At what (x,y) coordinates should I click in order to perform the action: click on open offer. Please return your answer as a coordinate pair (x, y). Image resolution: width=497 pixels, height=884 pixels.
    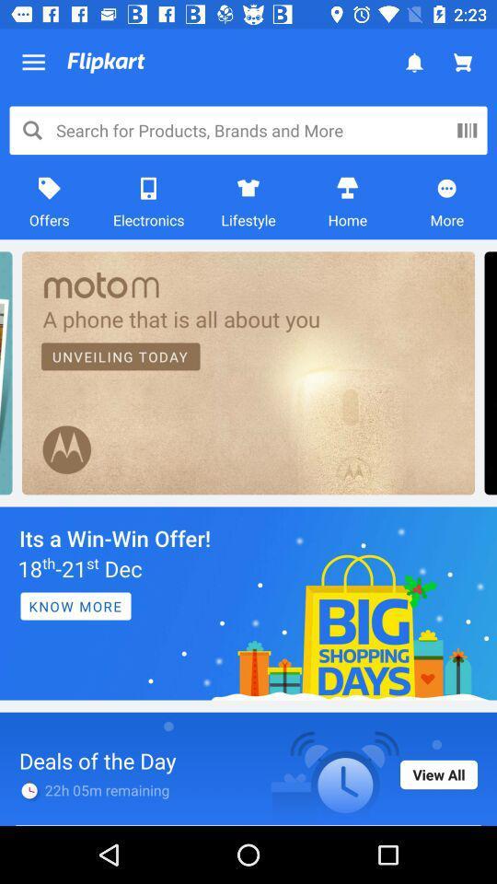
    Looking at the image, I should click on (248, 602).